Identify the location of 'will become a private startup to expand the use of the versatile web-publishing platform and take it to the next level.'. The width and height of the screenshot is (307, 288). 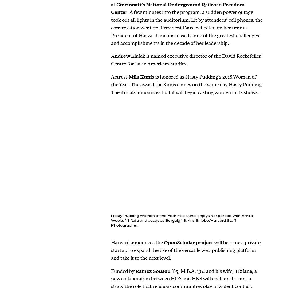
(111, 250).